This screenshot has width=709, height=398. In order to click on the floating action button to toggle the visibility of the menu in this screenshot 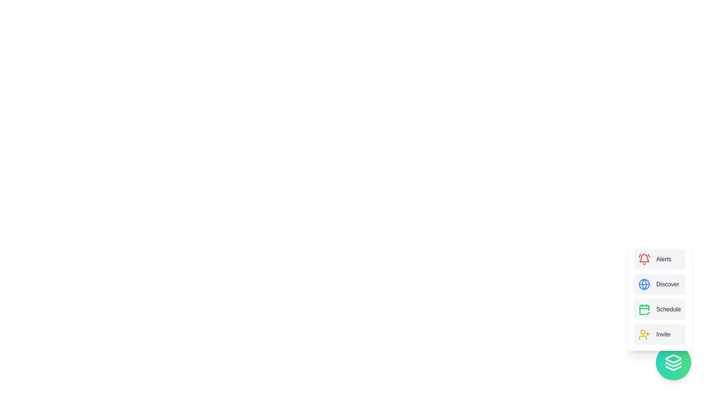, I will do `click(674, 362)`.